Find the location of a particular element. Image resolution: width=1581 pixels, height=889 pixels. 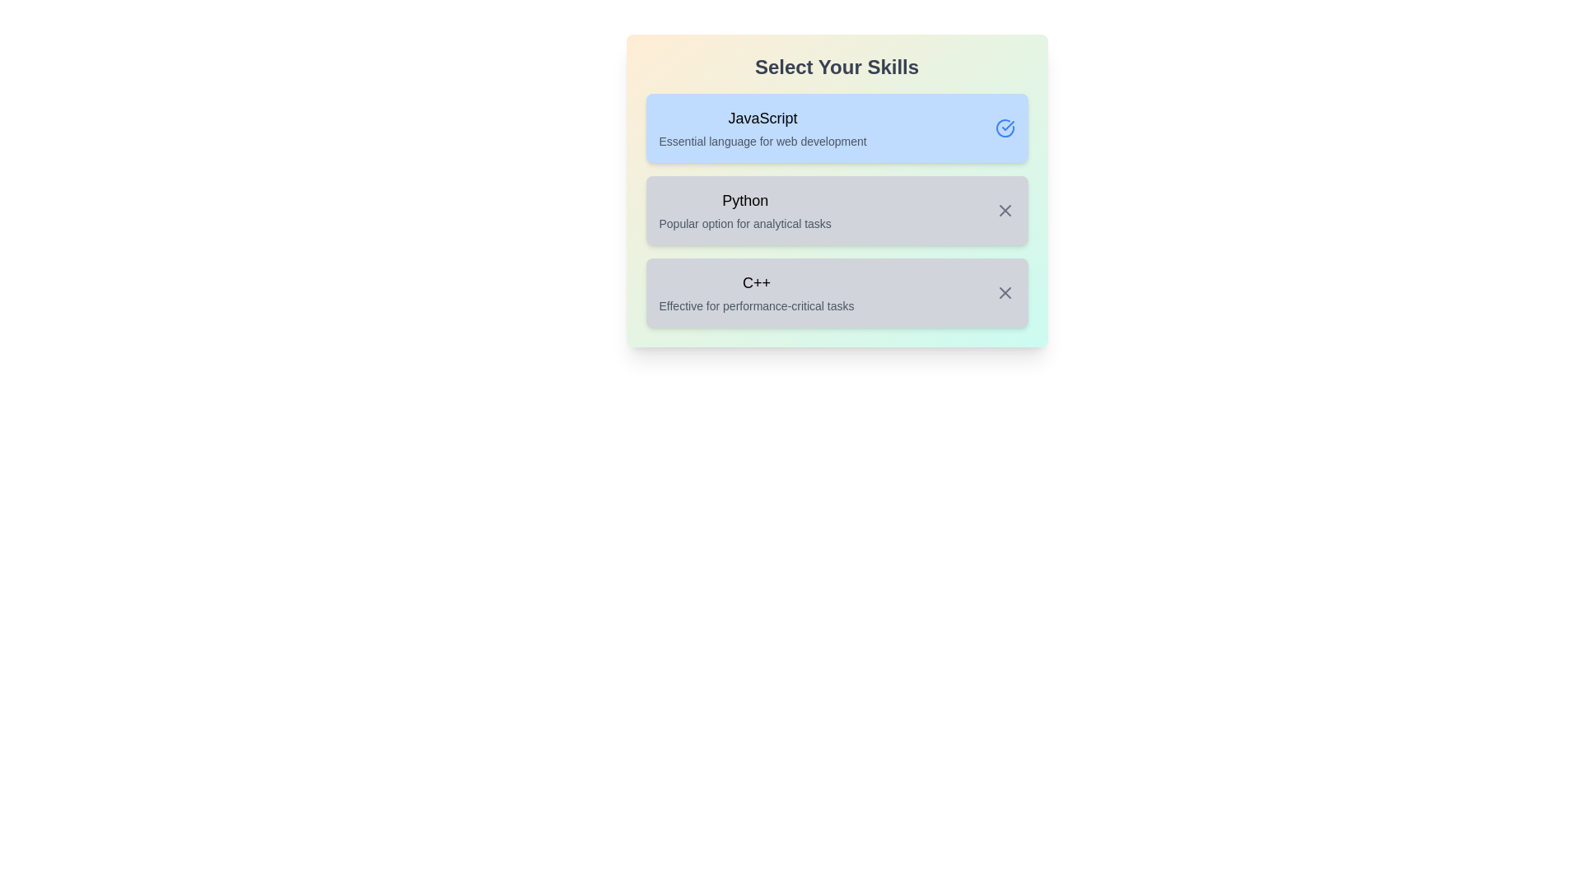

the skill item C++ to observe the hover effect is located at coordinates (837, 291).